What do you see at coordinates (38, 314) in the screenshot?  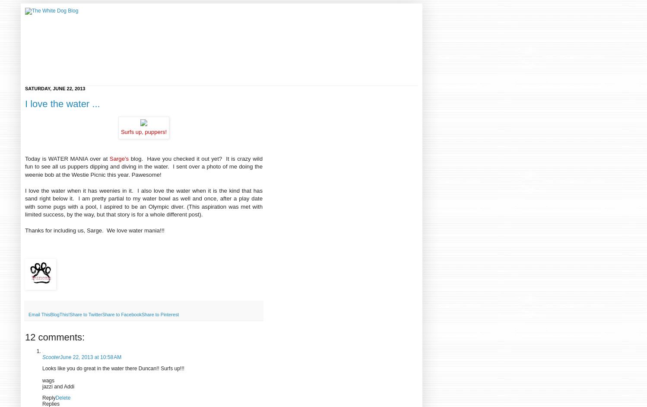 I see `'Email This'` at bounding box center [38, 314].